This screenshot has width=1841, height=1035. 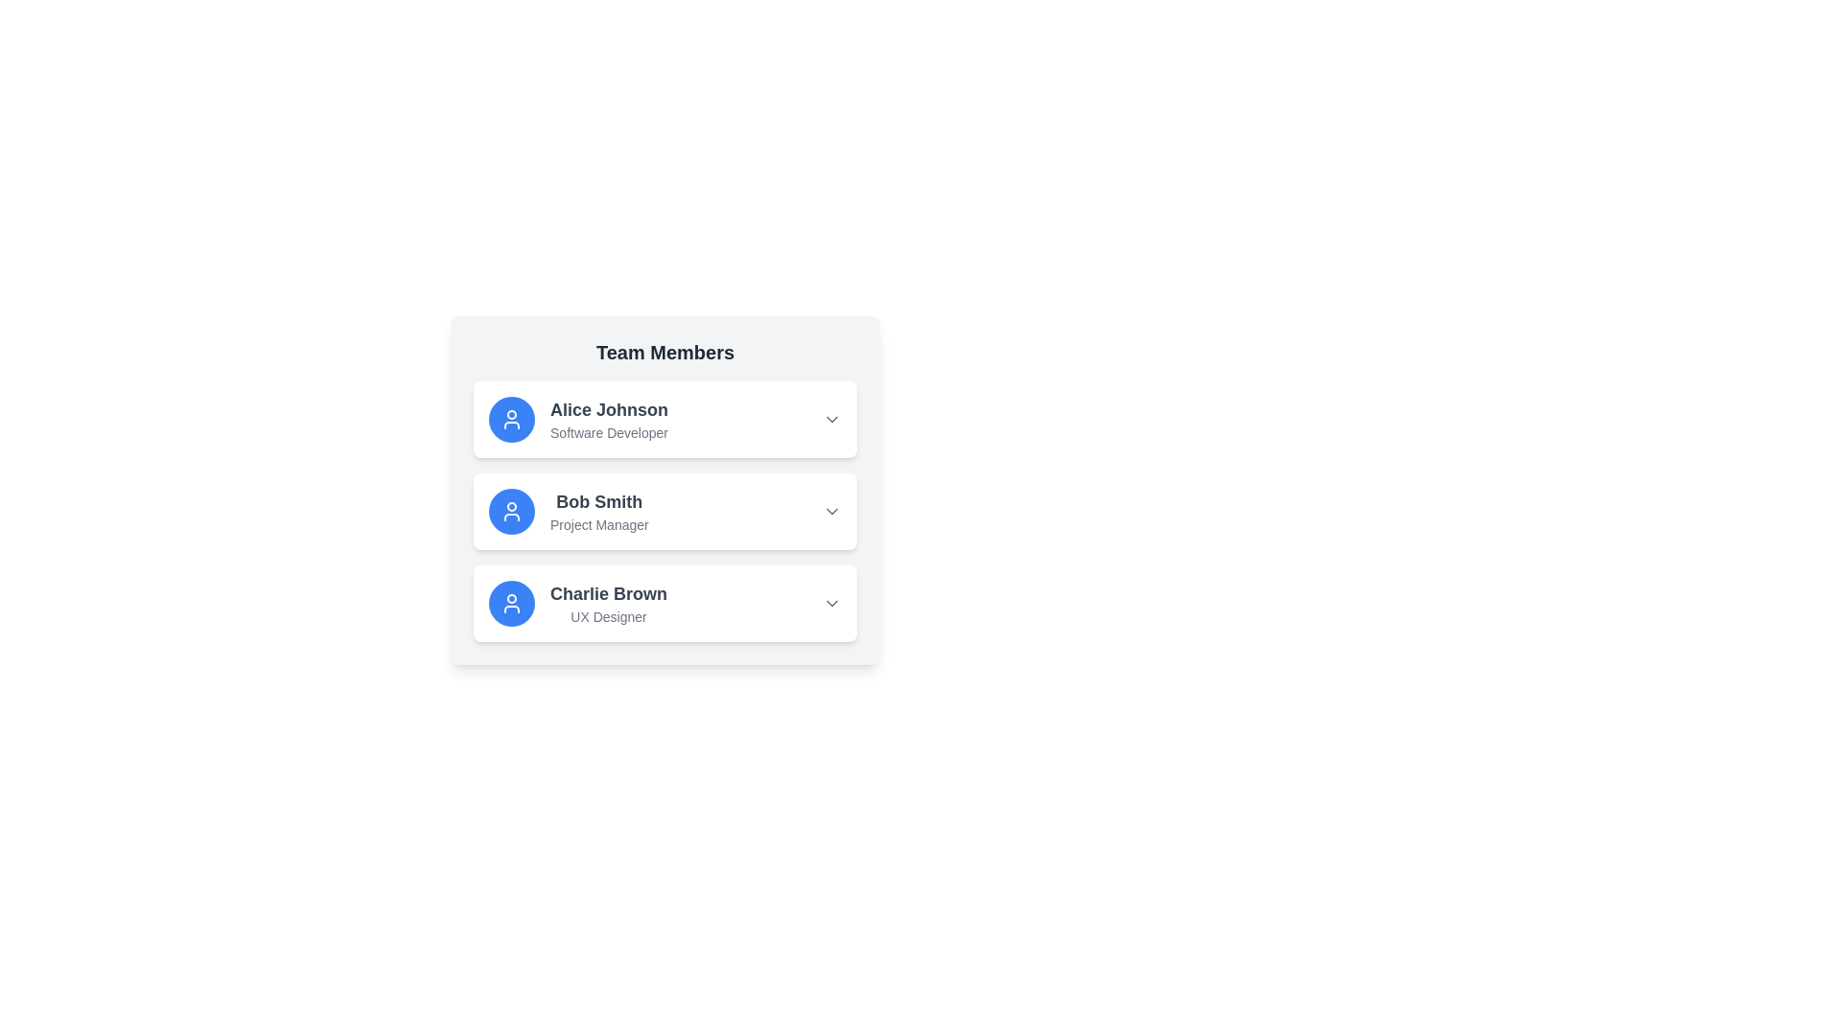 I want to click on the Profile avatar for 'Charlie Brown', so click(x=511, y=602).